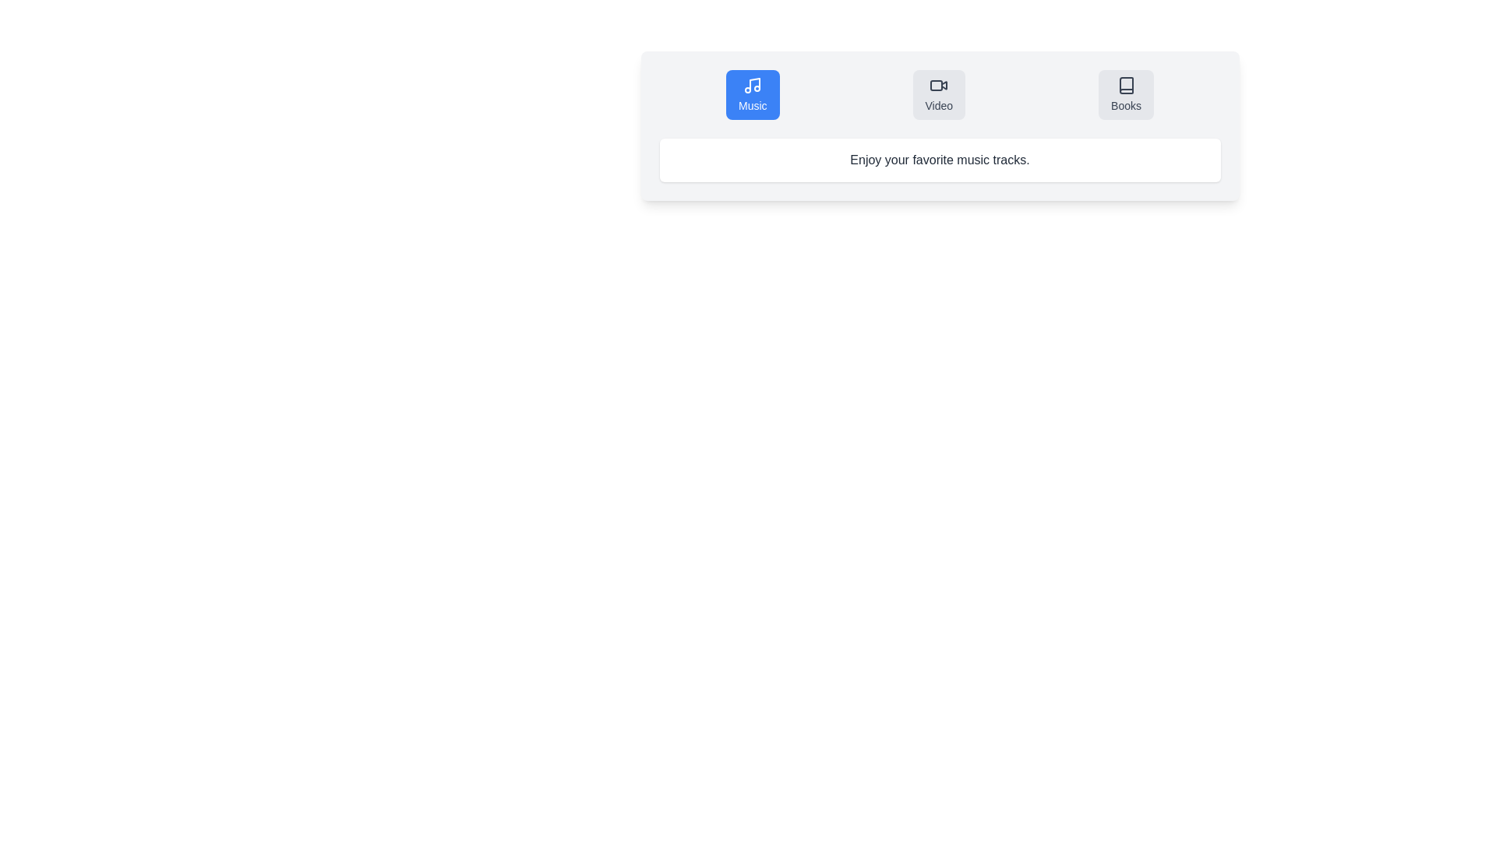  I want to click on the static text element that provides additional information for the 'Music' button, which is located below the row of 'Music', 'Video', and 'Books' buttons, so click(939, 160).